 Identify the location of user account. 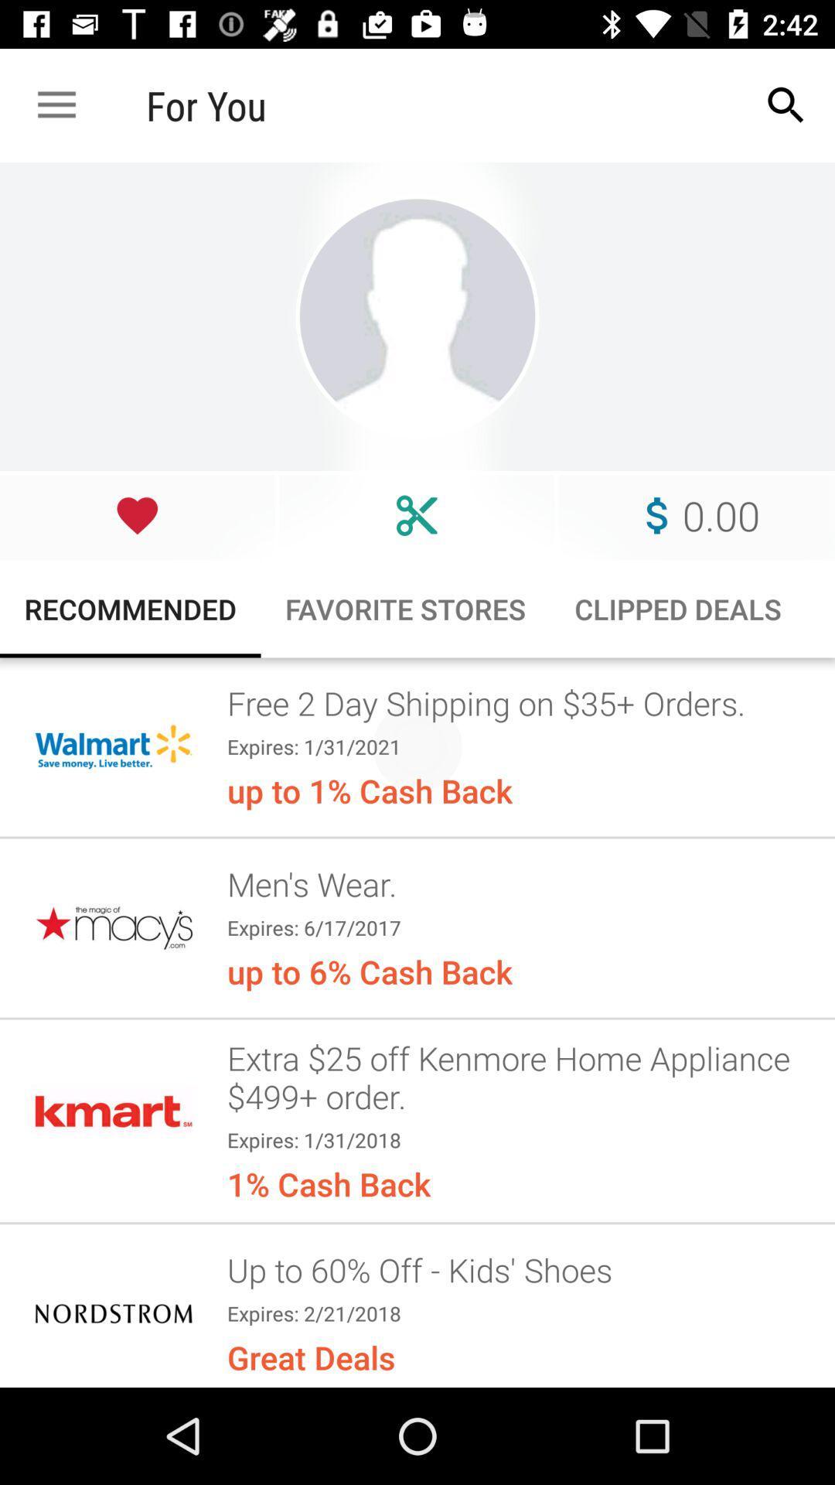
(417, 316).